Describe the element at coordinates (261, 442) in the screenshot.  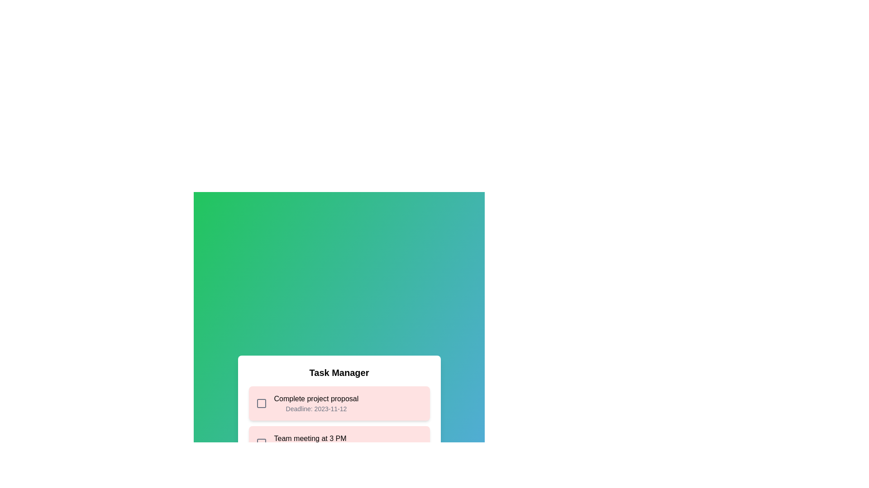
I see `the checkbox for the task 'Team meeting at 3 PM Deadline: 2023-11-13' to get focus` at that location.